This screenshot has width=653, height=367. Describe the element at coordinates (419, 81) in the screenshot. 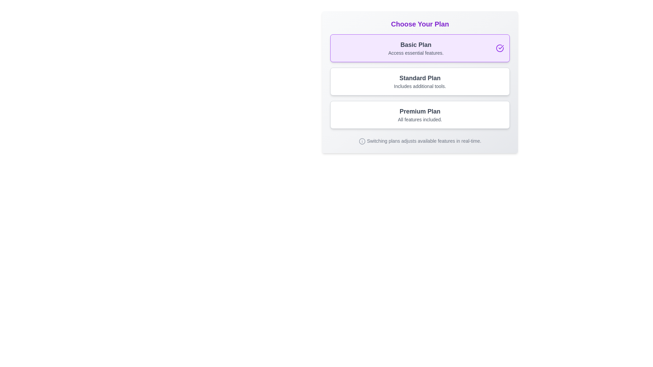

I see `the textual information element representing the title and description of the 'Standard Plan' in the pricing options selection interface` at that location.